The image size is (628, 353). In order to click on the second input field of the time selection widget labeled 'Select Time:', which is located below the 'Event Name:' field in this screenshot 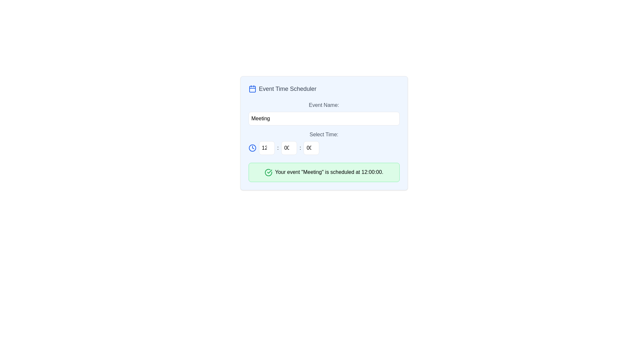, I will do `click(324, 142)`.